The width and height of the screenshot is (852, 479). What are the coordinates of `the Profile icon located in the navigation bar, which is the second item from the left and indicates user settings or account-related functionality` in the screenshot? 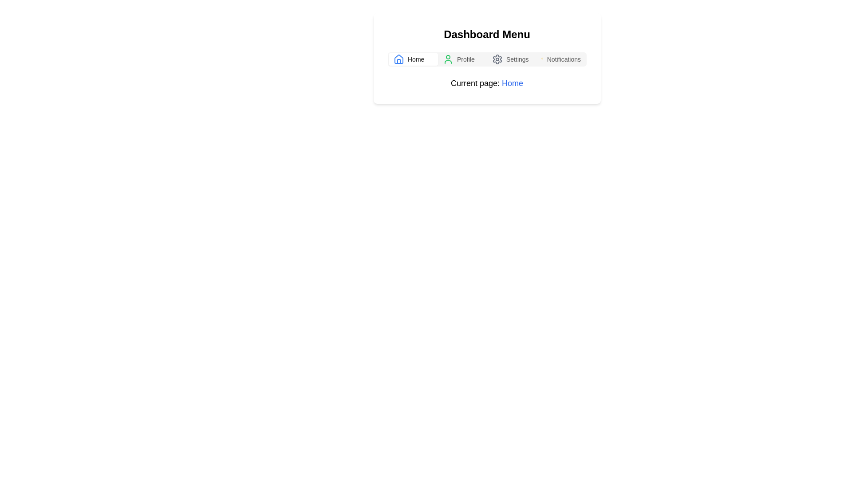 It's located at (448, 59).